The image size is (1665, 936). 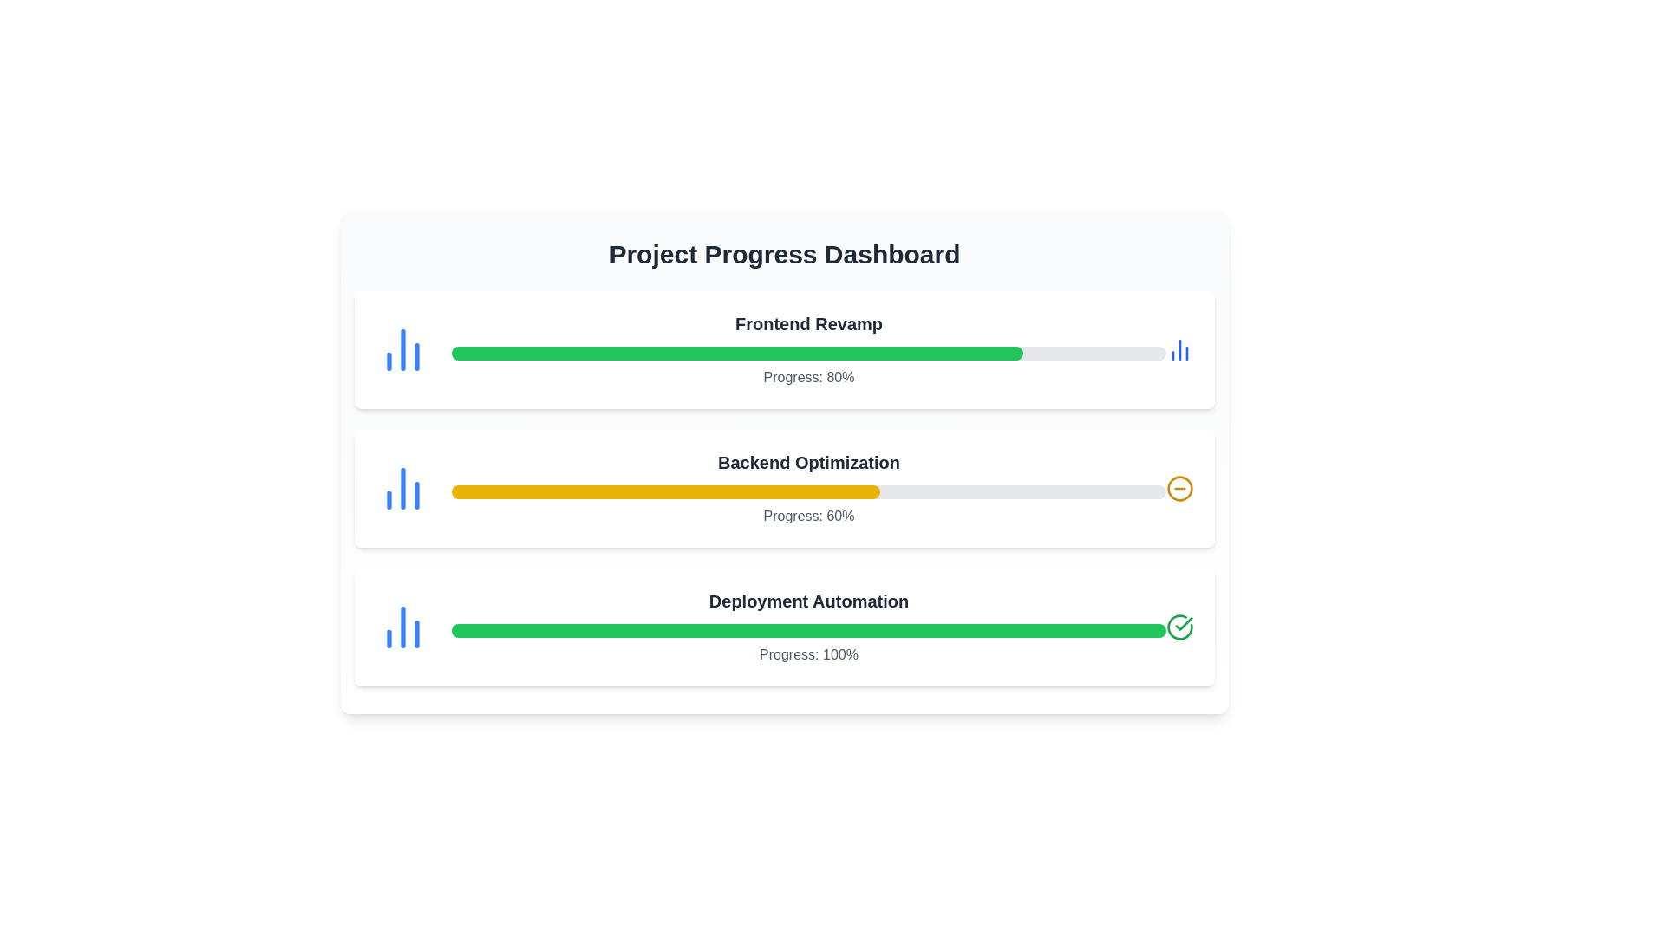 I want to click on the value of the progress bar indicating the 80% completion status of the 'Deployment Automation' task, located in the third section from the top, so click(x=737, y=353).